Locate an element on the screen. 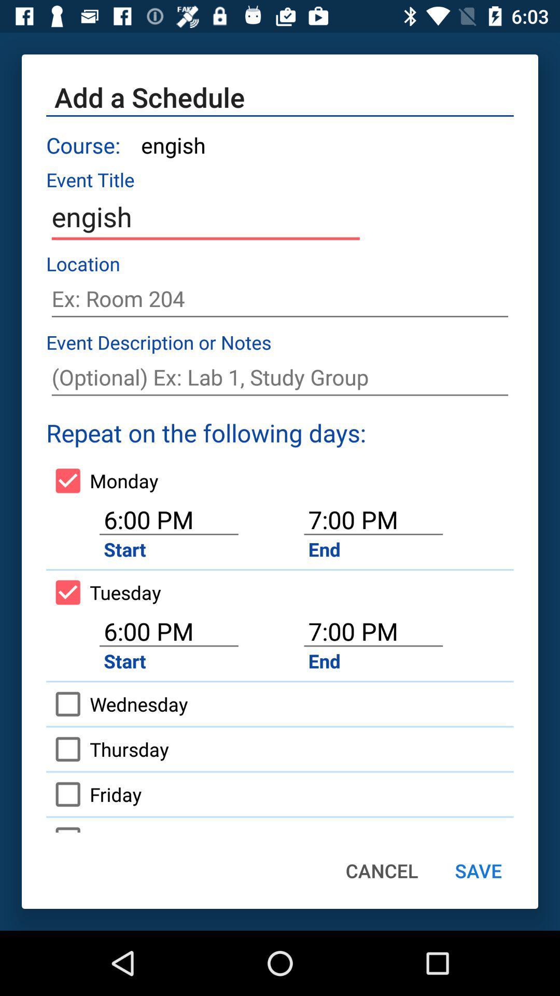  icon next to the 7:00 pm icon is located at coordinates (102, 480).